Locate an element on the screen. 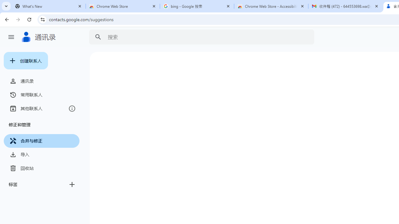 Image resolution: width=399 pixels, height=224 pixels. 'Chrome Web Store' is located at coordinates (123, 6).